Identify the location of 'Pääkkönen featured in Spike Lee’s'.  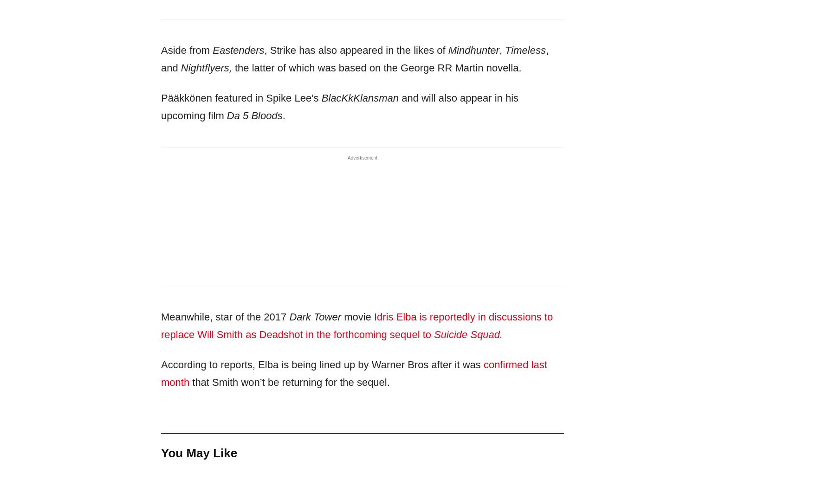
(240, 97).